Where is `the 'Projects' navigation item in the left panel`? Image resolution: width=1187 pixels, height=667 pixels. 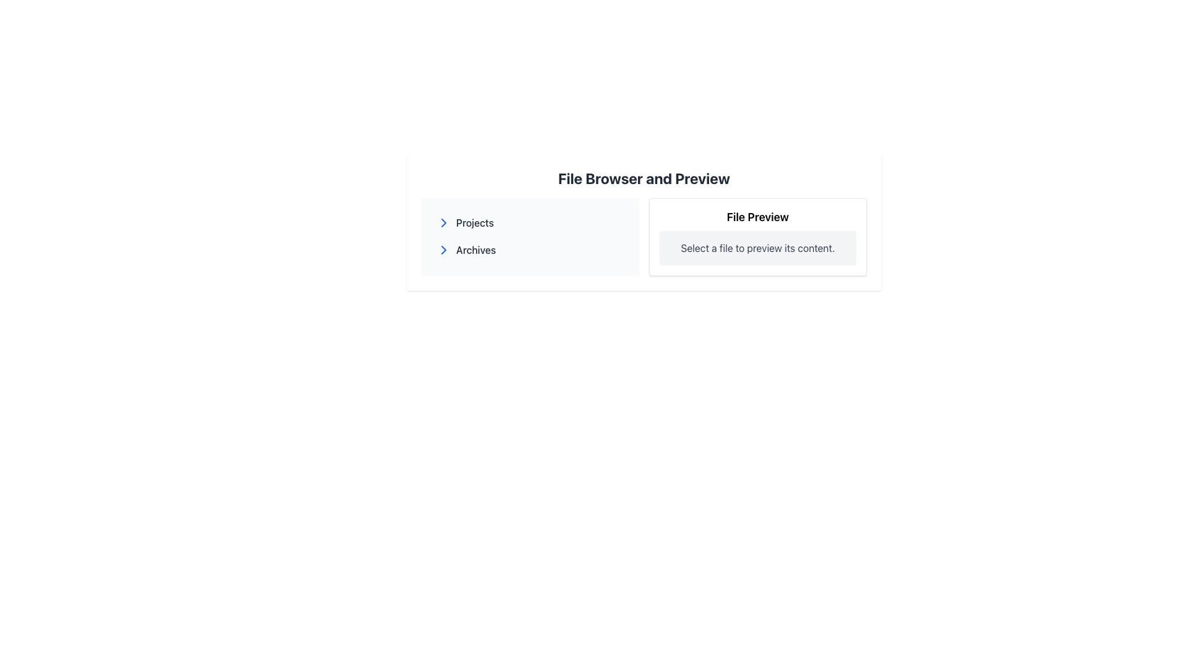
the 'Projects' navigation item in the left panel is located at coordinates (530, 223).